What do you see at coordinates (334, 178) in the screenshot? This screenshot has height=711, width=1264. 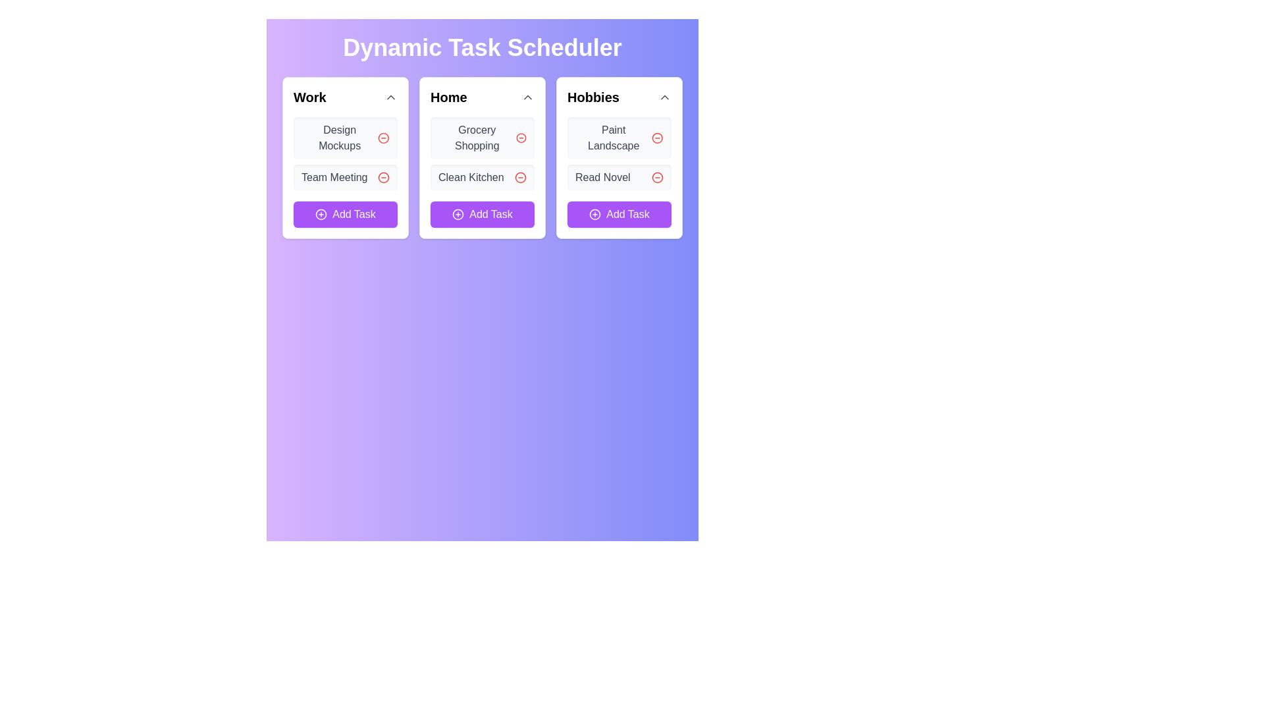 I see `the 'Team Meeting' text label in the second section of the 'Work' column, which serves as an identifier for this task` at bounding box center [334, 178].